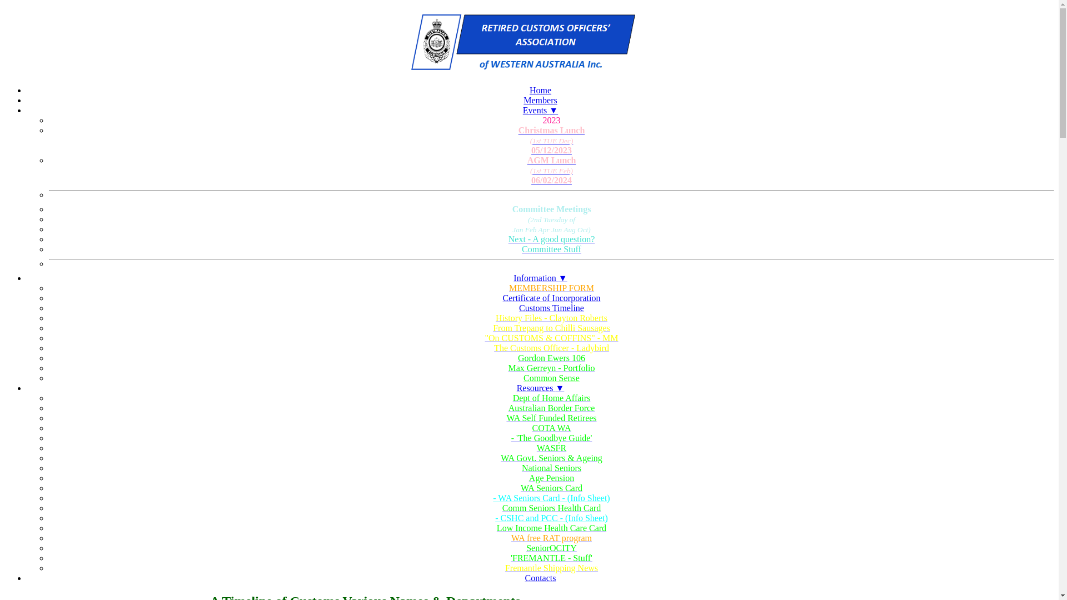  Describe the element at coordinates (551, 418) in the screenshot. I see `'WA Self Funded Retirees'` at that location.